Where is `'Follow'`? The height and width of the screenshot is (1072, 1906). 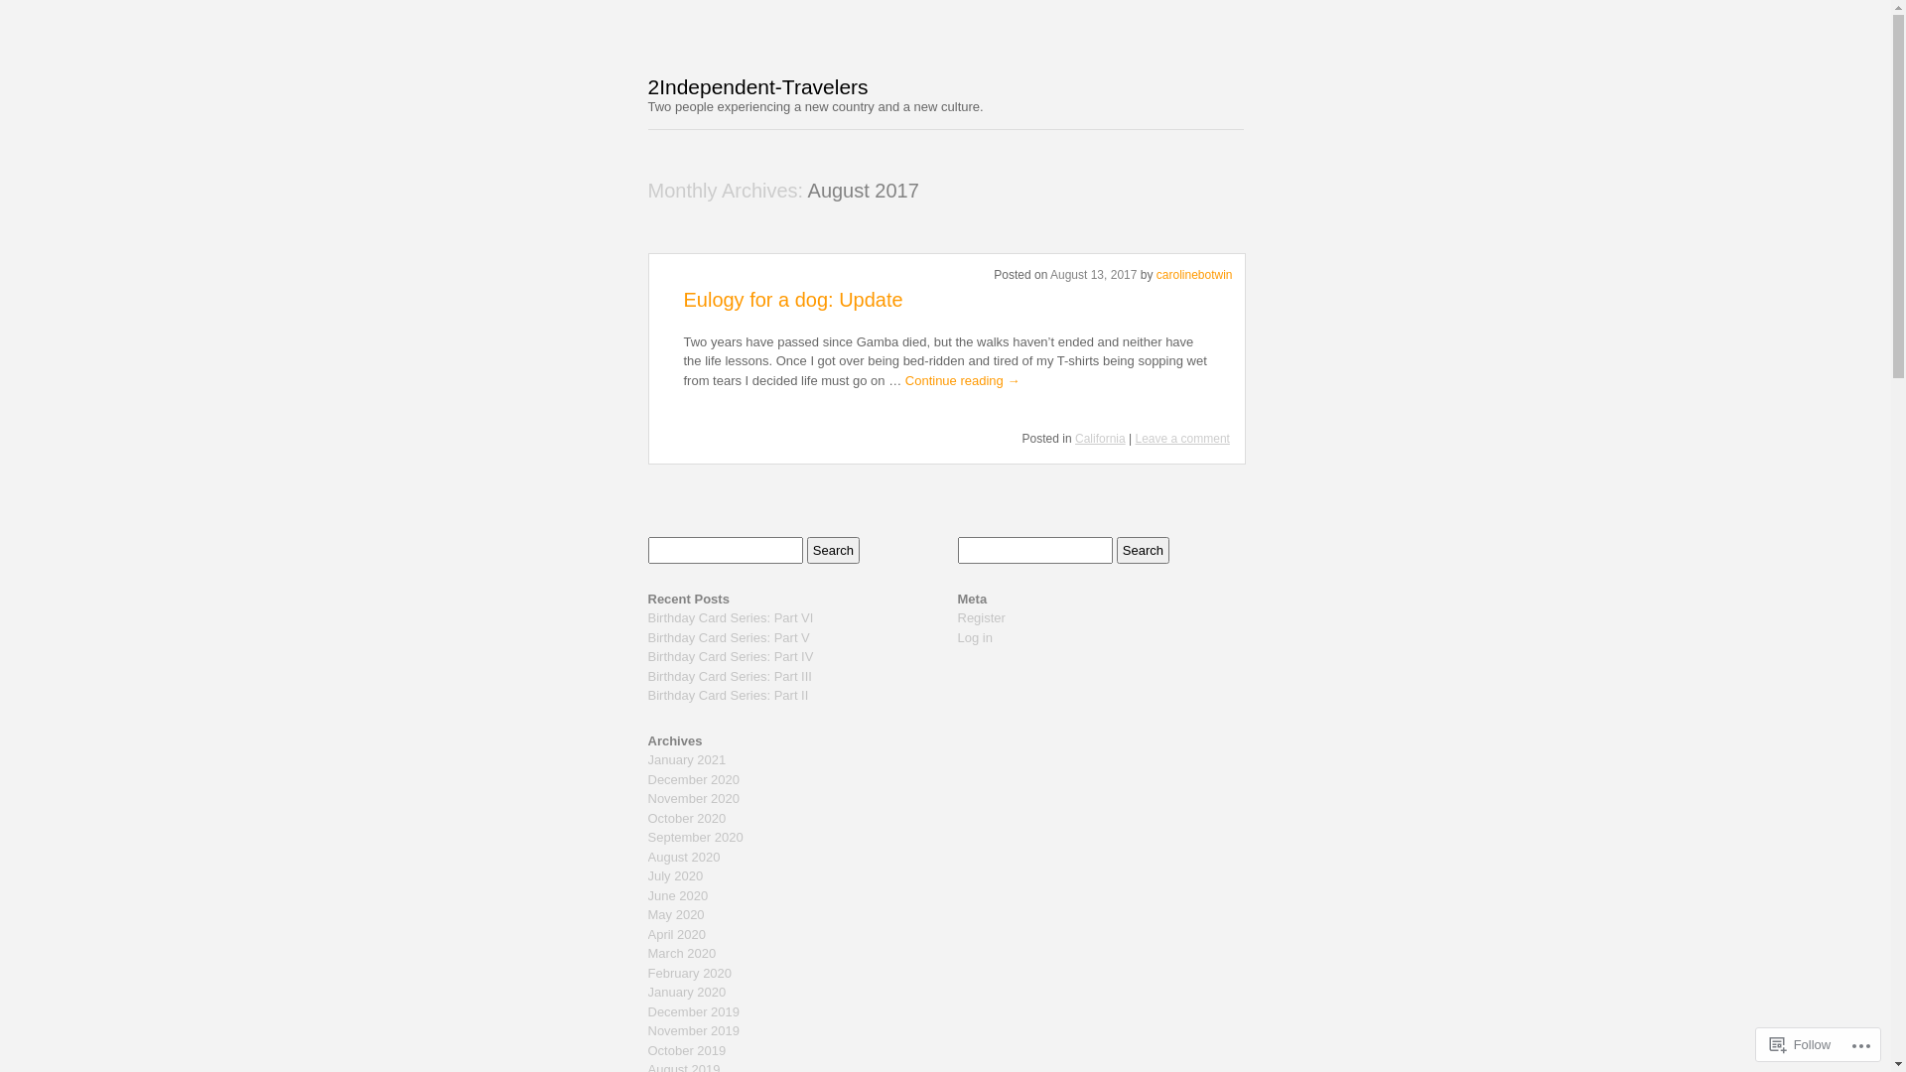 'Follow' is located at coordinates (1801, 1043).